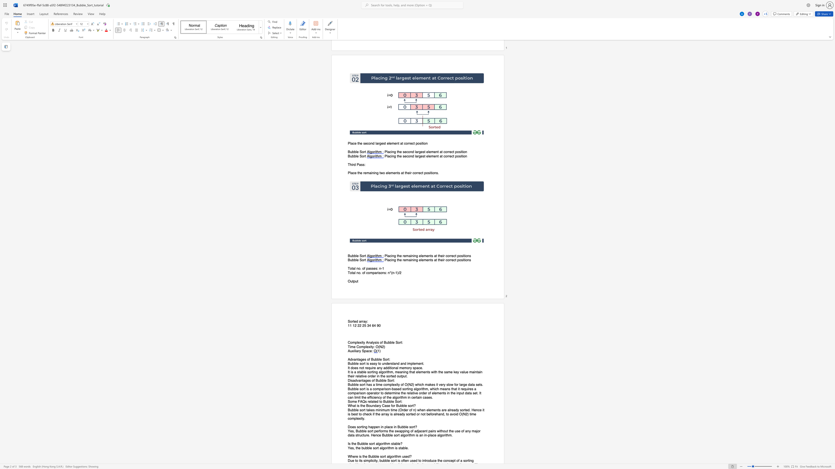 The width and height of the screenshot is (835, 469). What do you see at coordinates (364, 260) in the screenshot?
I see `the 1th character "r" in the text` at bounding box center [364, 260].